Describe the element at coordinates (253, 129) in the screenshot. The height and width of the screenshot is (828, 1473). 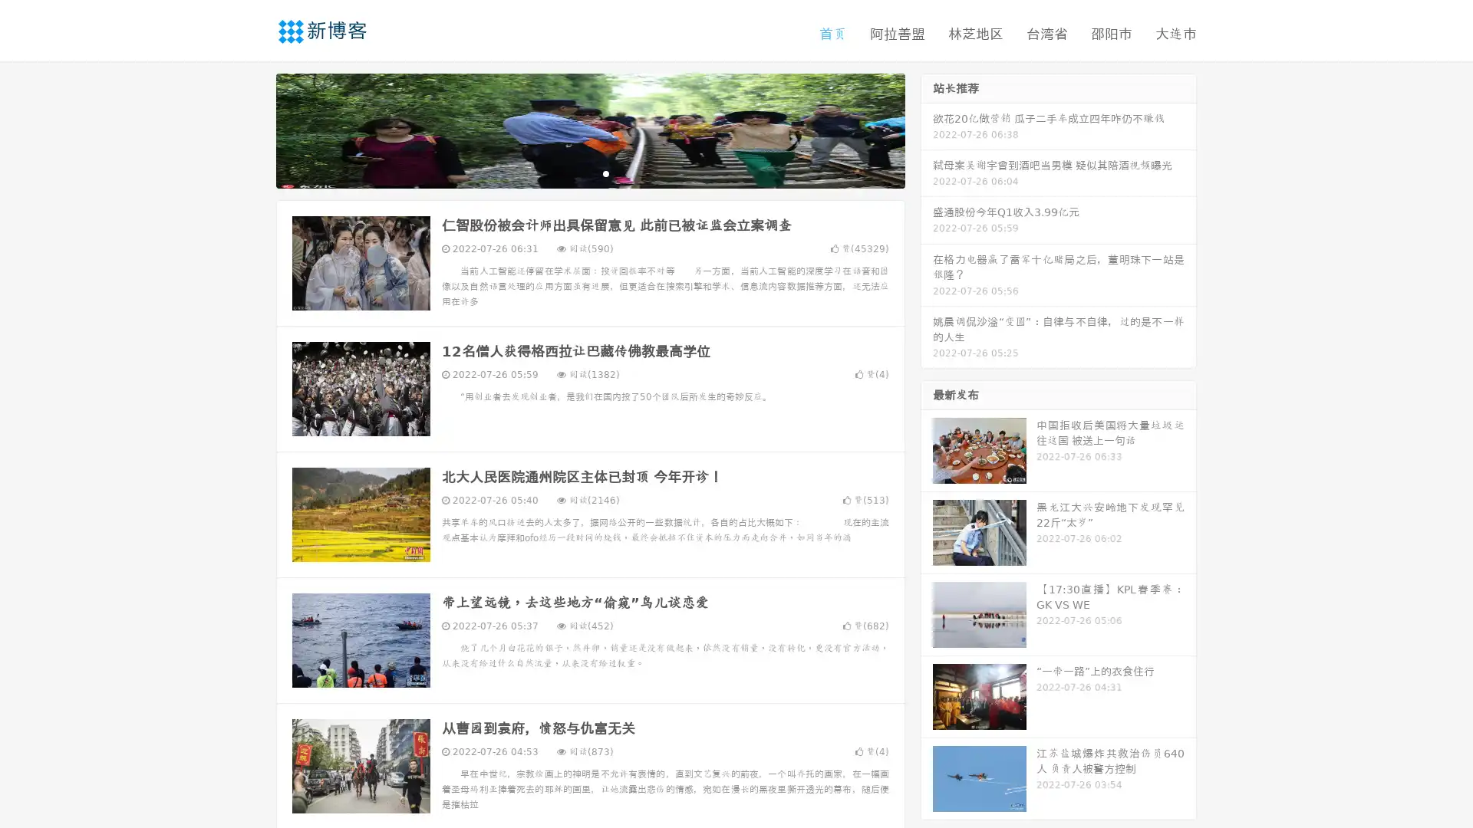
I see `Previous slide` at that location.